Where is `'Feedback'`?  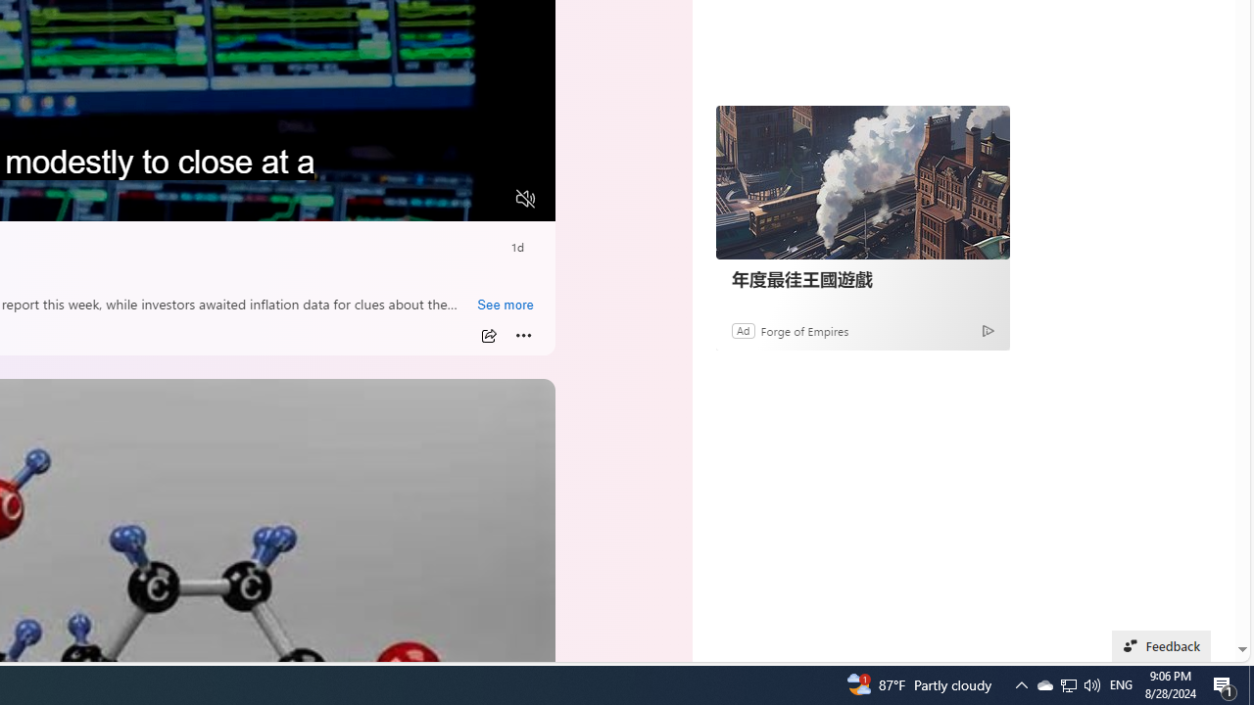
'Feedback' is located at coordinates (1161, 645).